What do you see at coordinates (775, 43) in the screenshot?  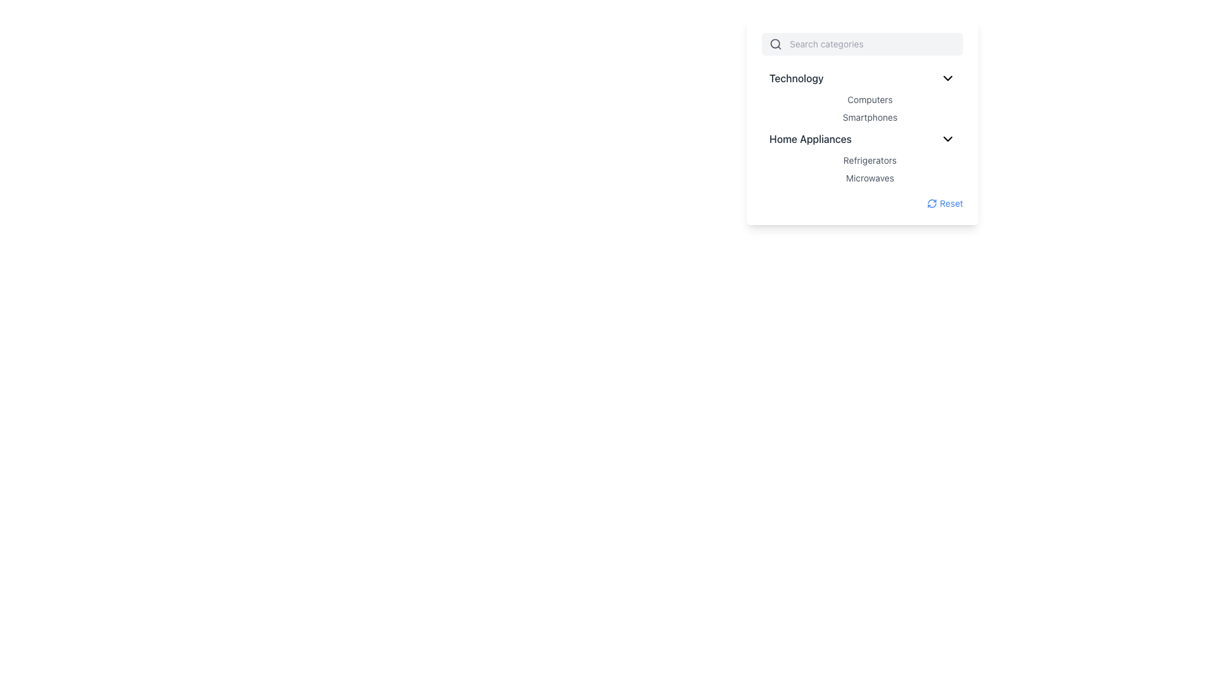 I see `the search icon located in the top-left corner of the dropdown section, which indicates the search feature adjacent to the input field labeled 'Search categories'` at bounding box center [775, 43].